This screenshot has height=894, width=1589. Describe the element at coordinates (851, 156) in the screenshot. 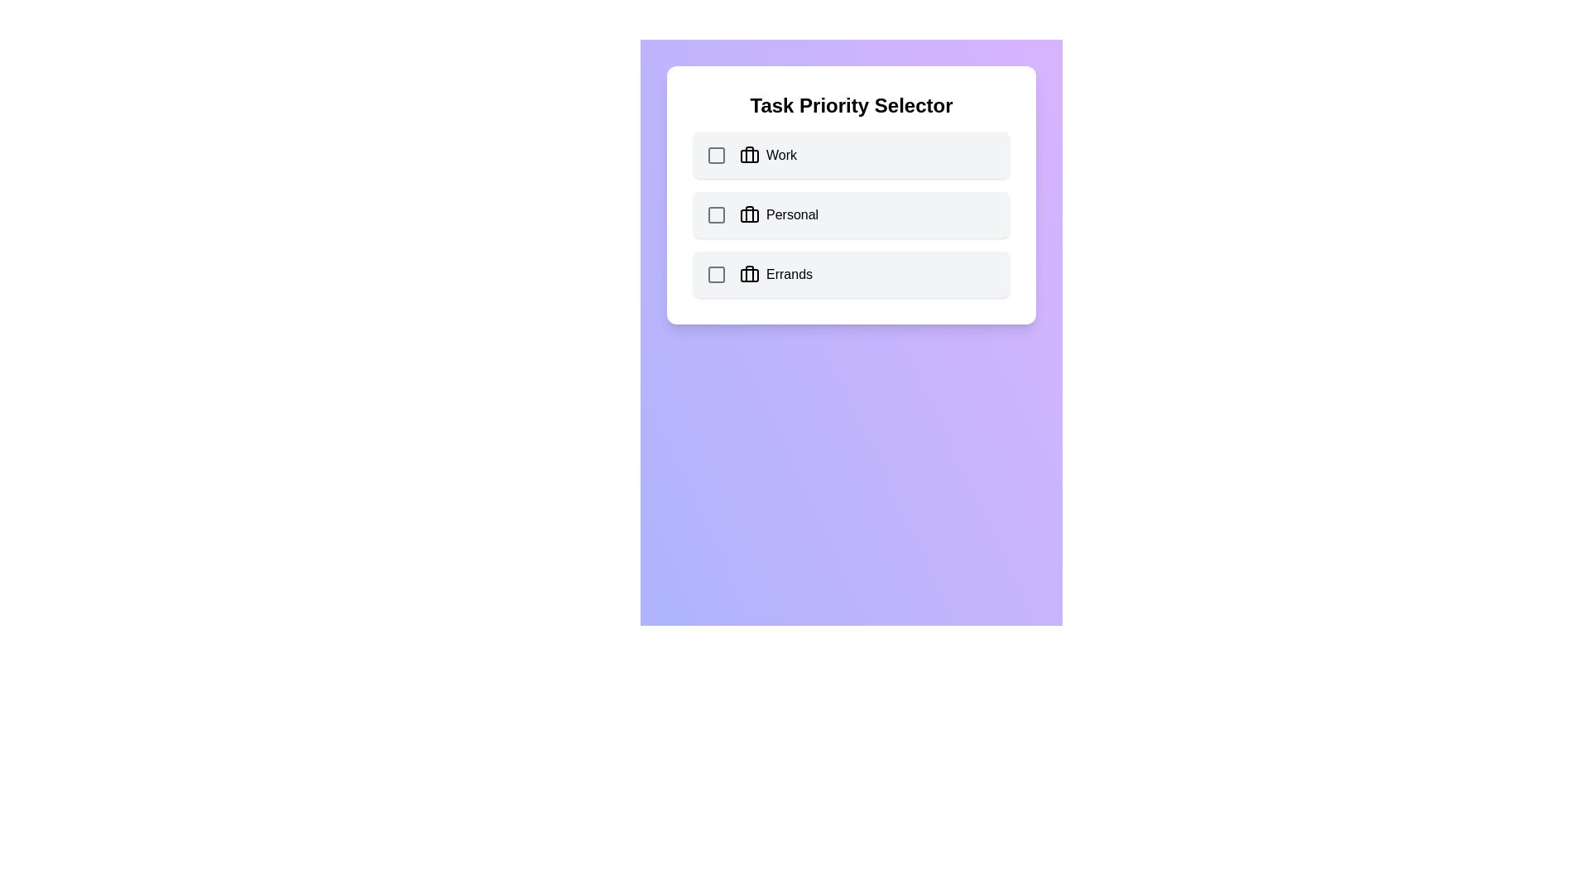

I see `the category Work` at that location.